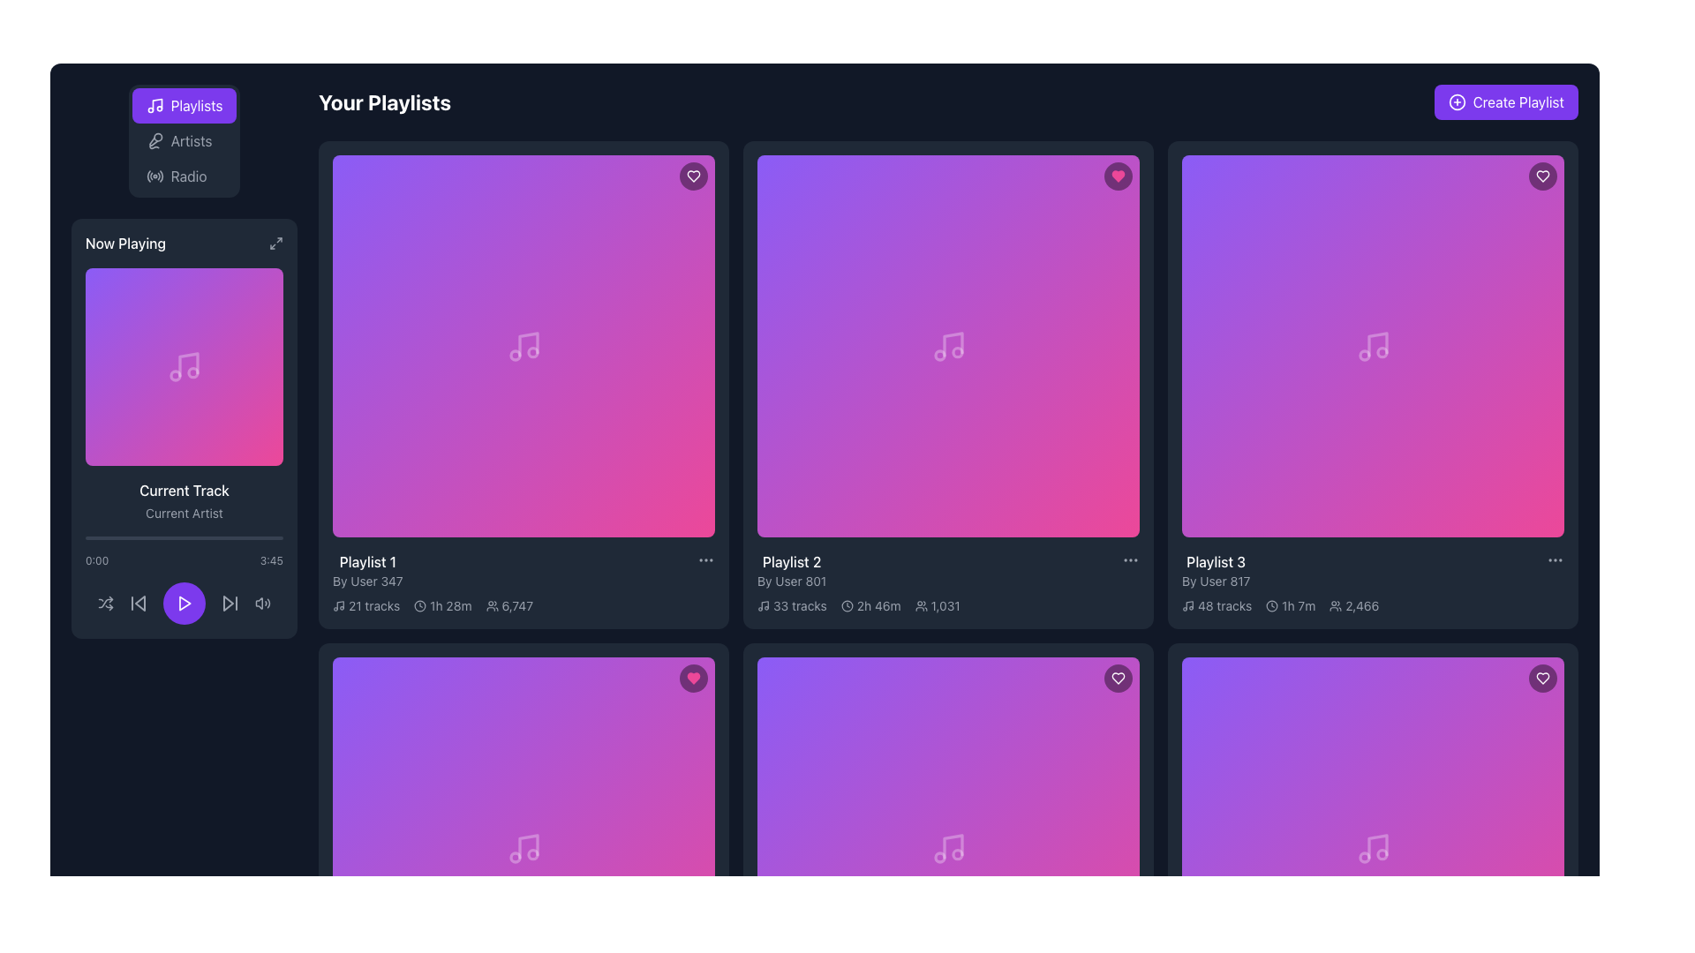 The image size is (1695, 953). Describe the element at coordinates (706, 560) in the screenshot. I see `the button displaying an ellipsis symbol (three horizontally aligned dots) located at the top-right corner of the 'Playlist 1' tile` at that location.